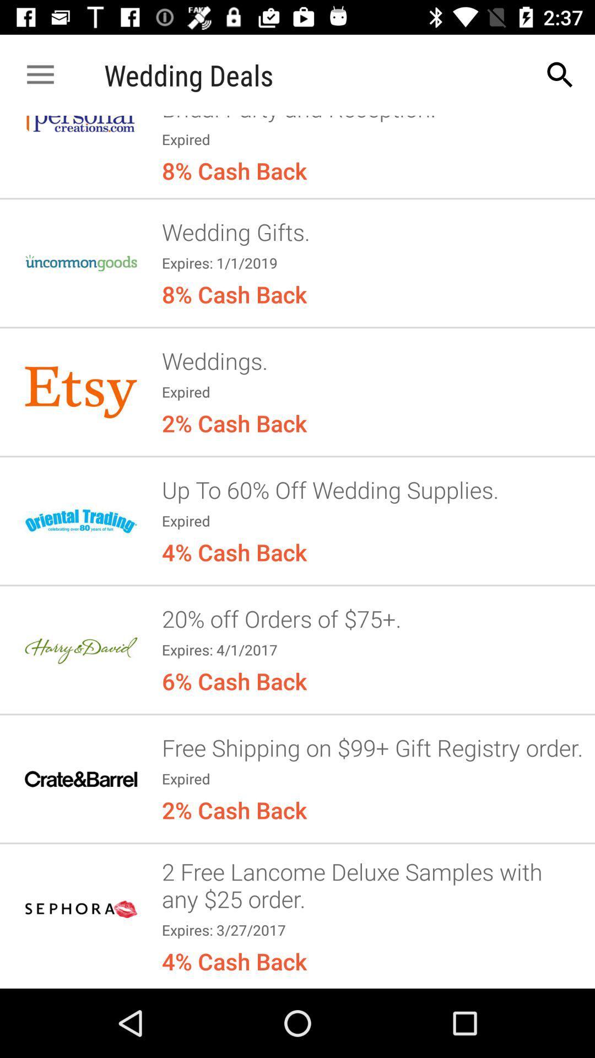 The width and height of the screenshot is (595, 1058). Describe the element at coordinates (560, 74) in the screenshot. I see `item at the top right corner` at that location.